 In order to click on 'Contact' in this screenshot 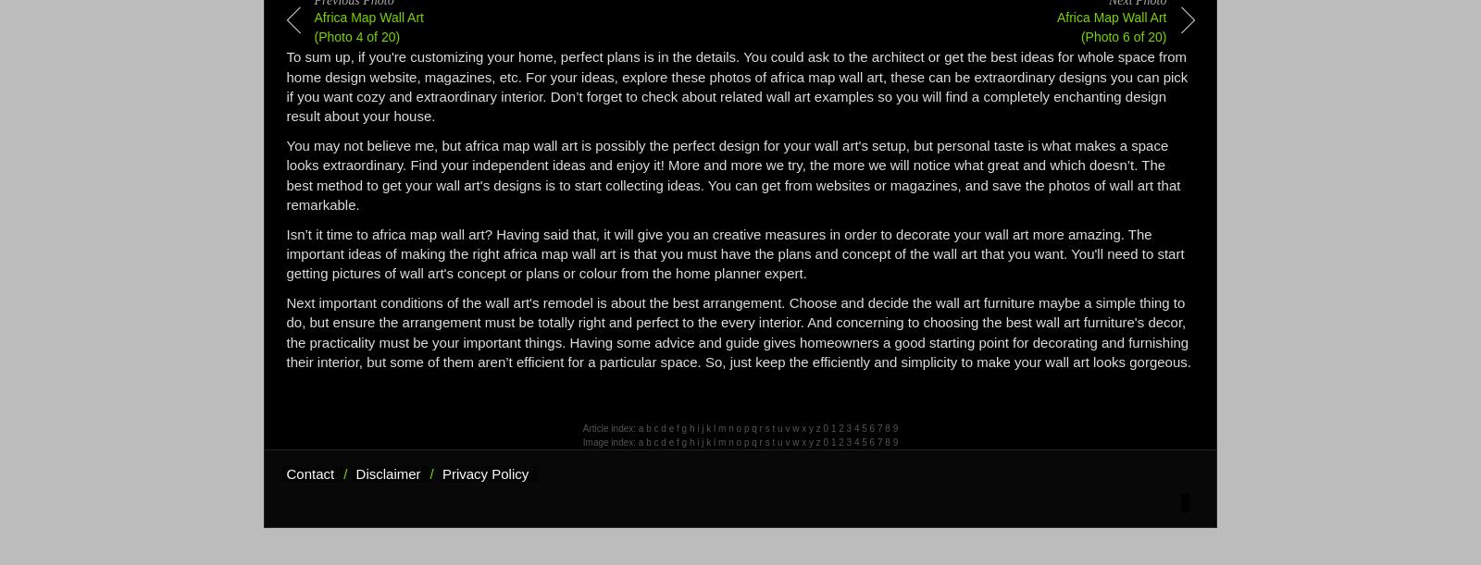, I will do `click(310, 473)`.